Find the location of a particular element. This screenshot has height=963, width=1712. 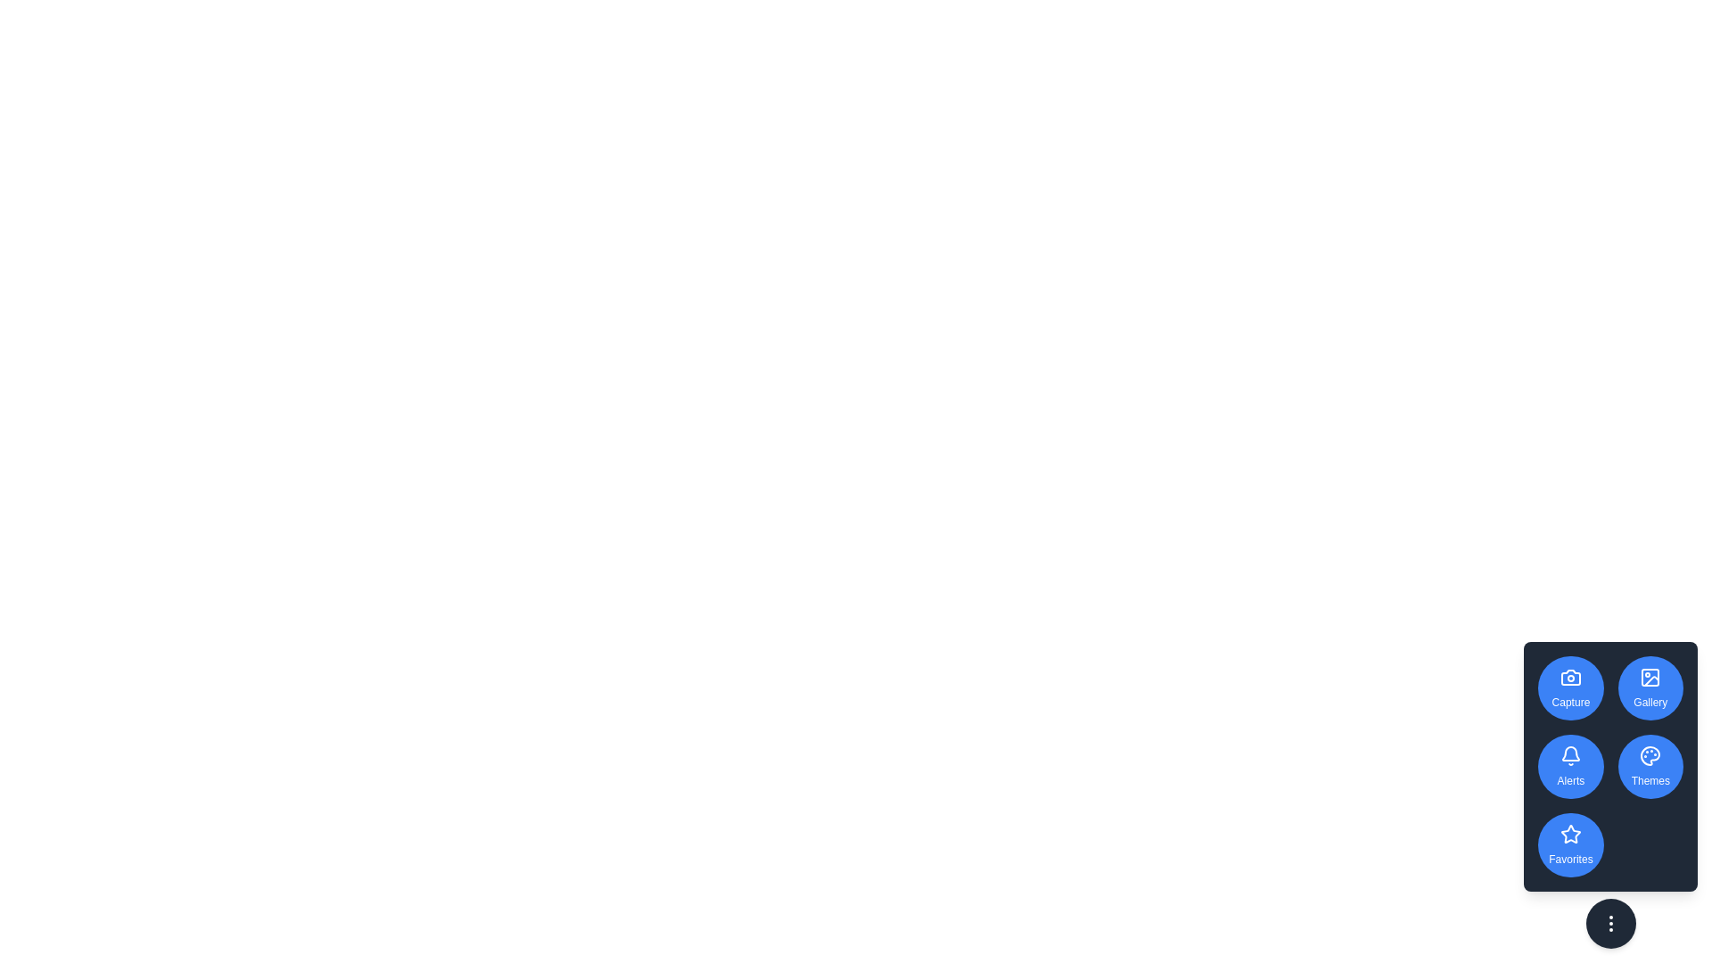

the 'Themes' button to explore theme options is located at coordinates (1650, 766).